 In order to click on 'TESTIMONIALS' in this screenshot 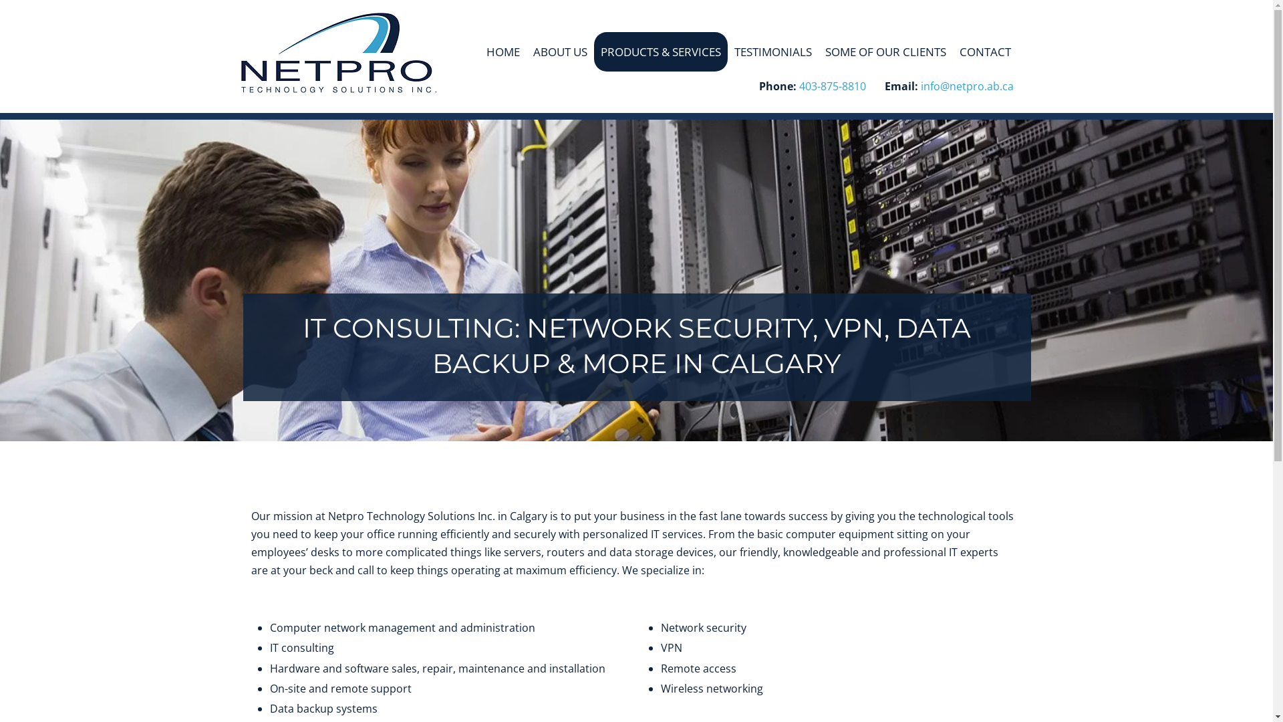, I will do `click(772, 51)`.